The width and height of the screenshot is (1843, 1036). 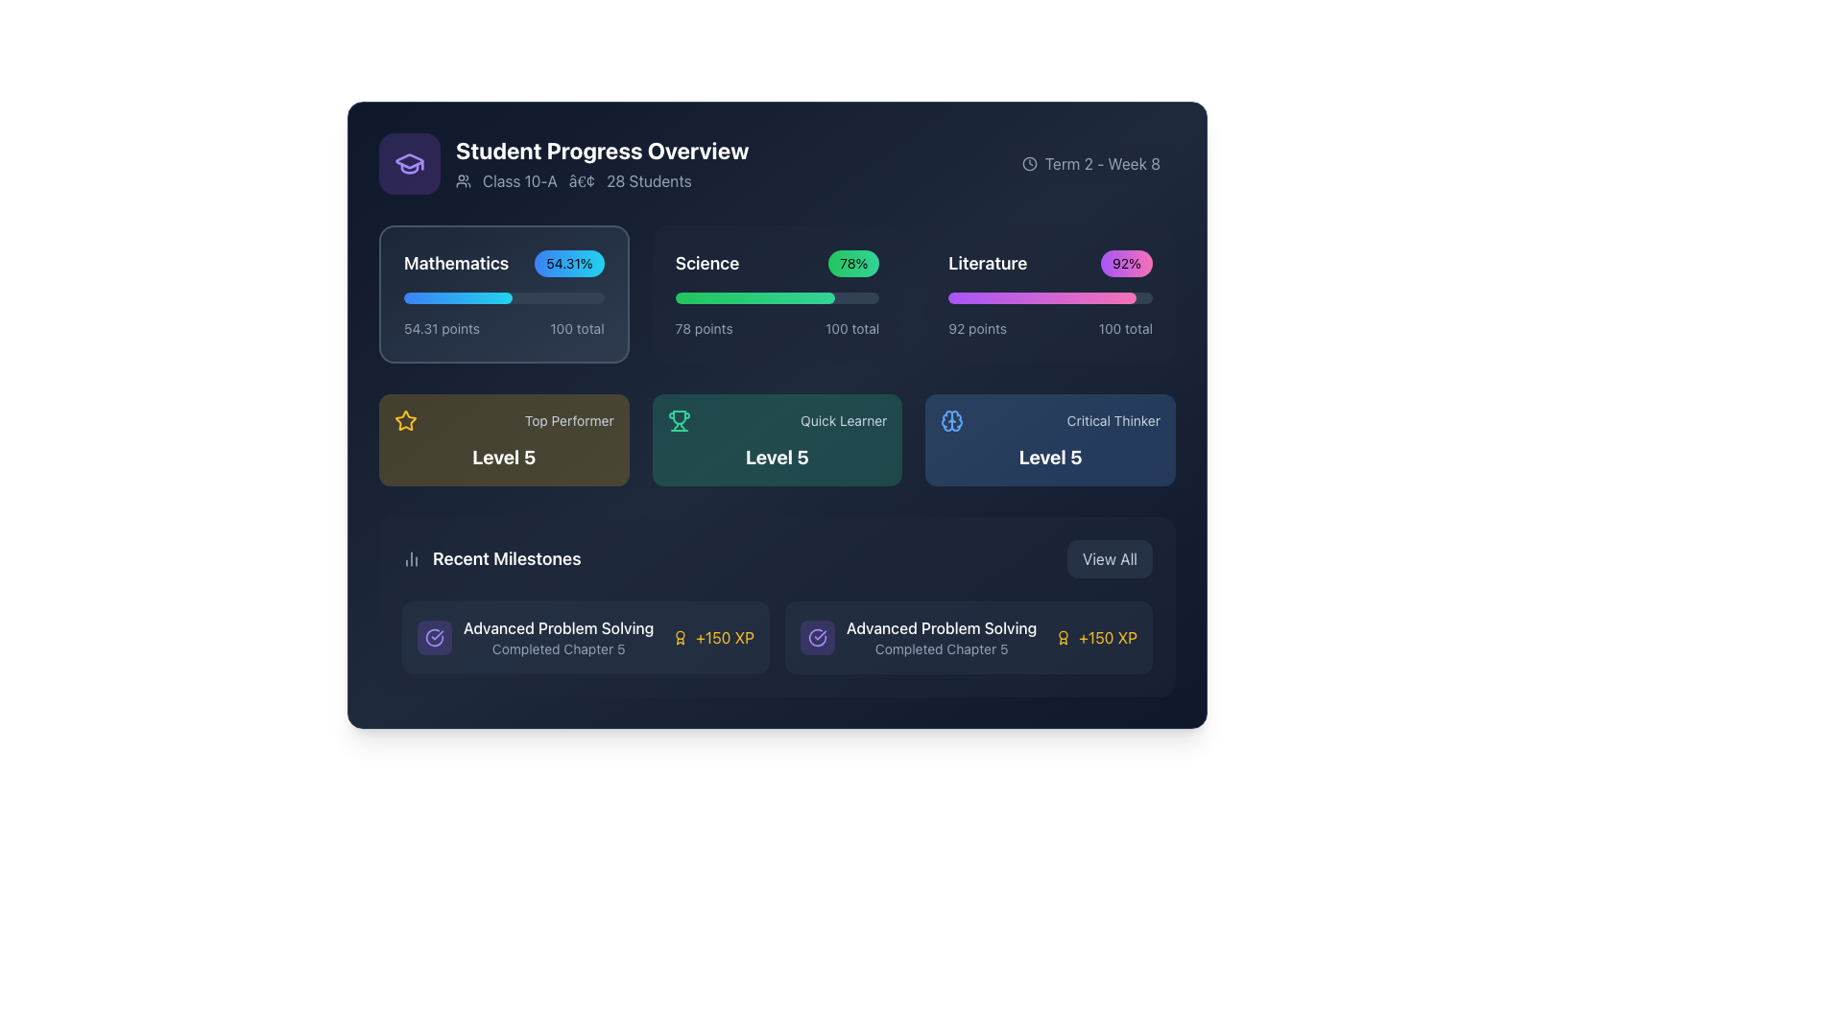 What do you see at coordinates (1049, 294) in the screenshot?
I see `the Progress Overview Tile for 'Literature'` at bounding box center [1049, 294].